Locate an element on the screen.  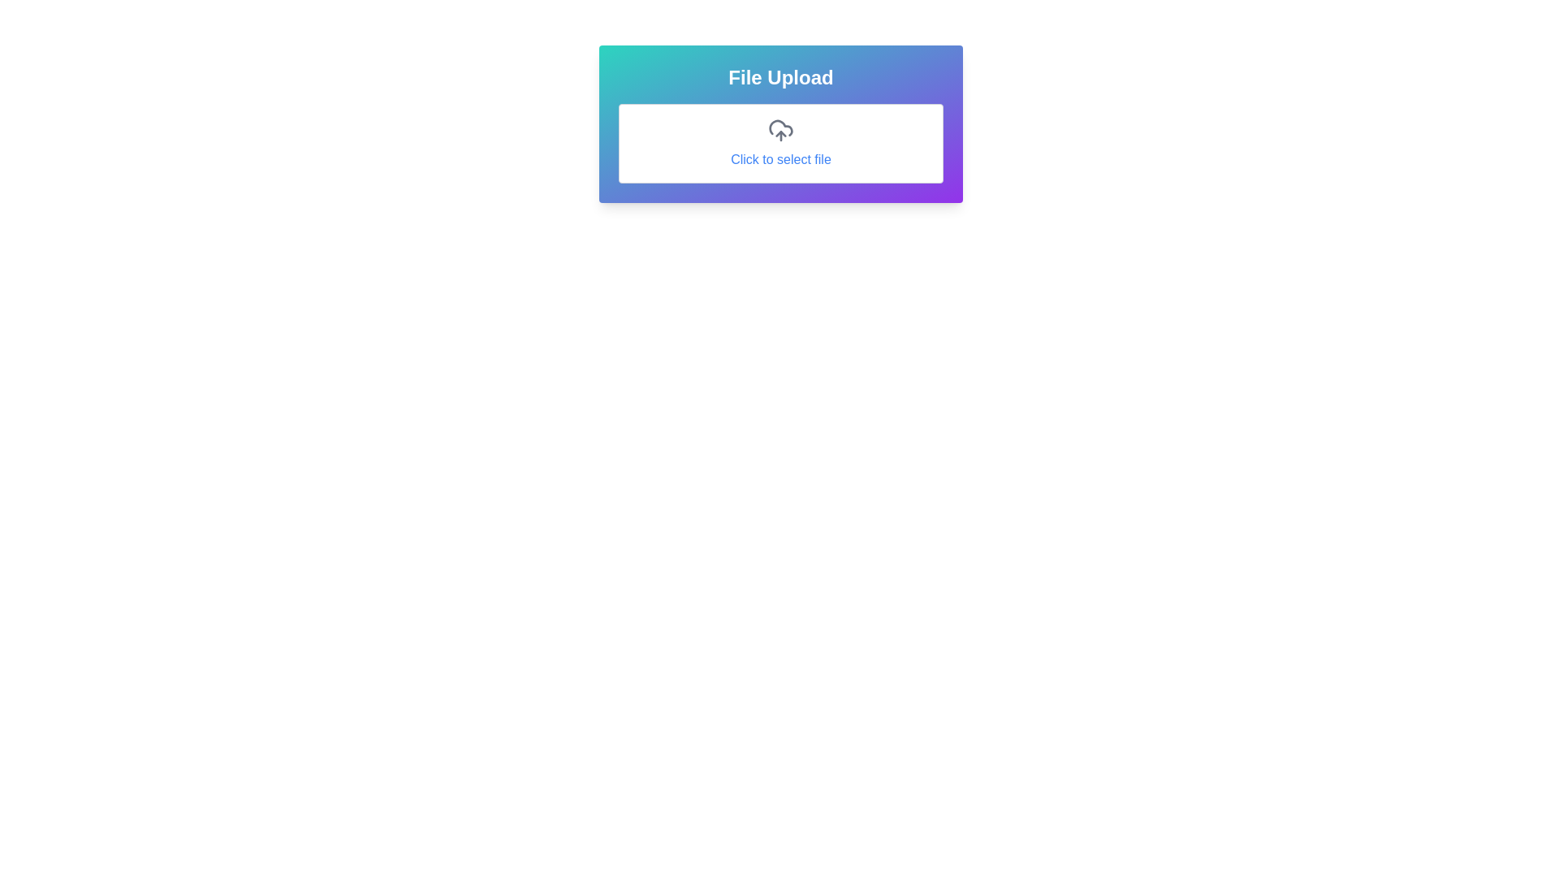
the cloud upload icon, which is centrally located in the 'File Upload' card and has a round design with gray strokes and an upward arrow is located at coordinates (780, 130).